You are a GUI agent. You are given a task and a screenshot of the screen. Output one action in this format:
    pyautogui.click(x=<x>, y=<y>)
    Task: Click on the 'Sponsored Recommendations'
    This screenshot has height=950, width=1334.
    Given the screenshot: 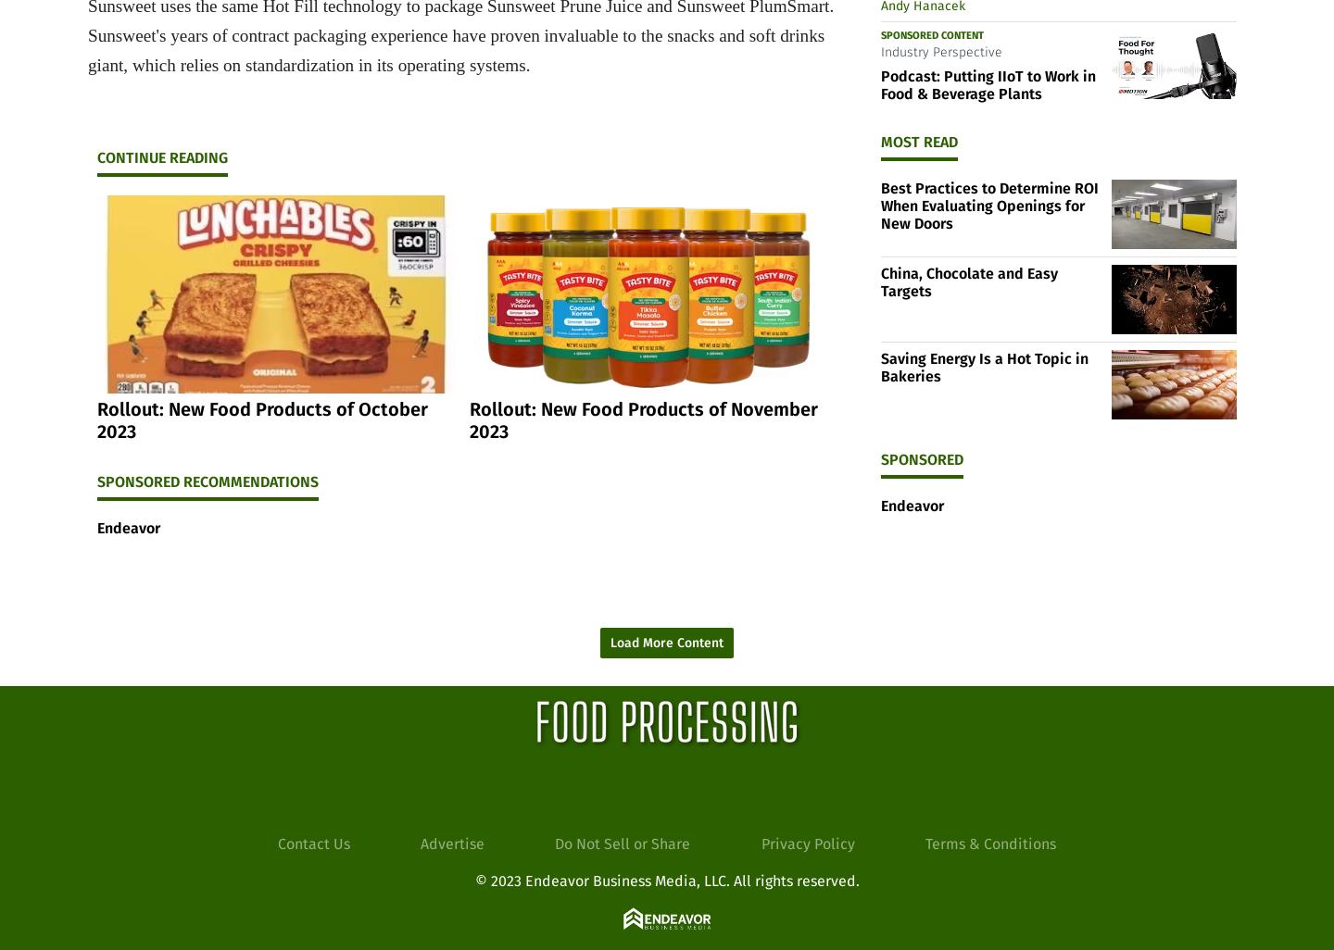 What is the action you would take?
    pyautogui.click(x=208, y=481)
    